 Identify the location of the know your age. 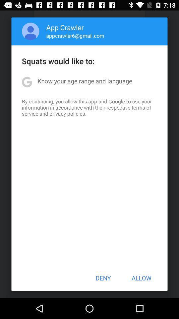
(85, 80).